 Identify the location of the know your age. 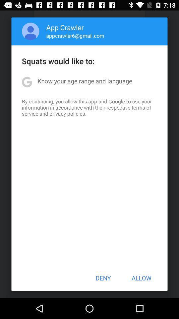
(85, 80).